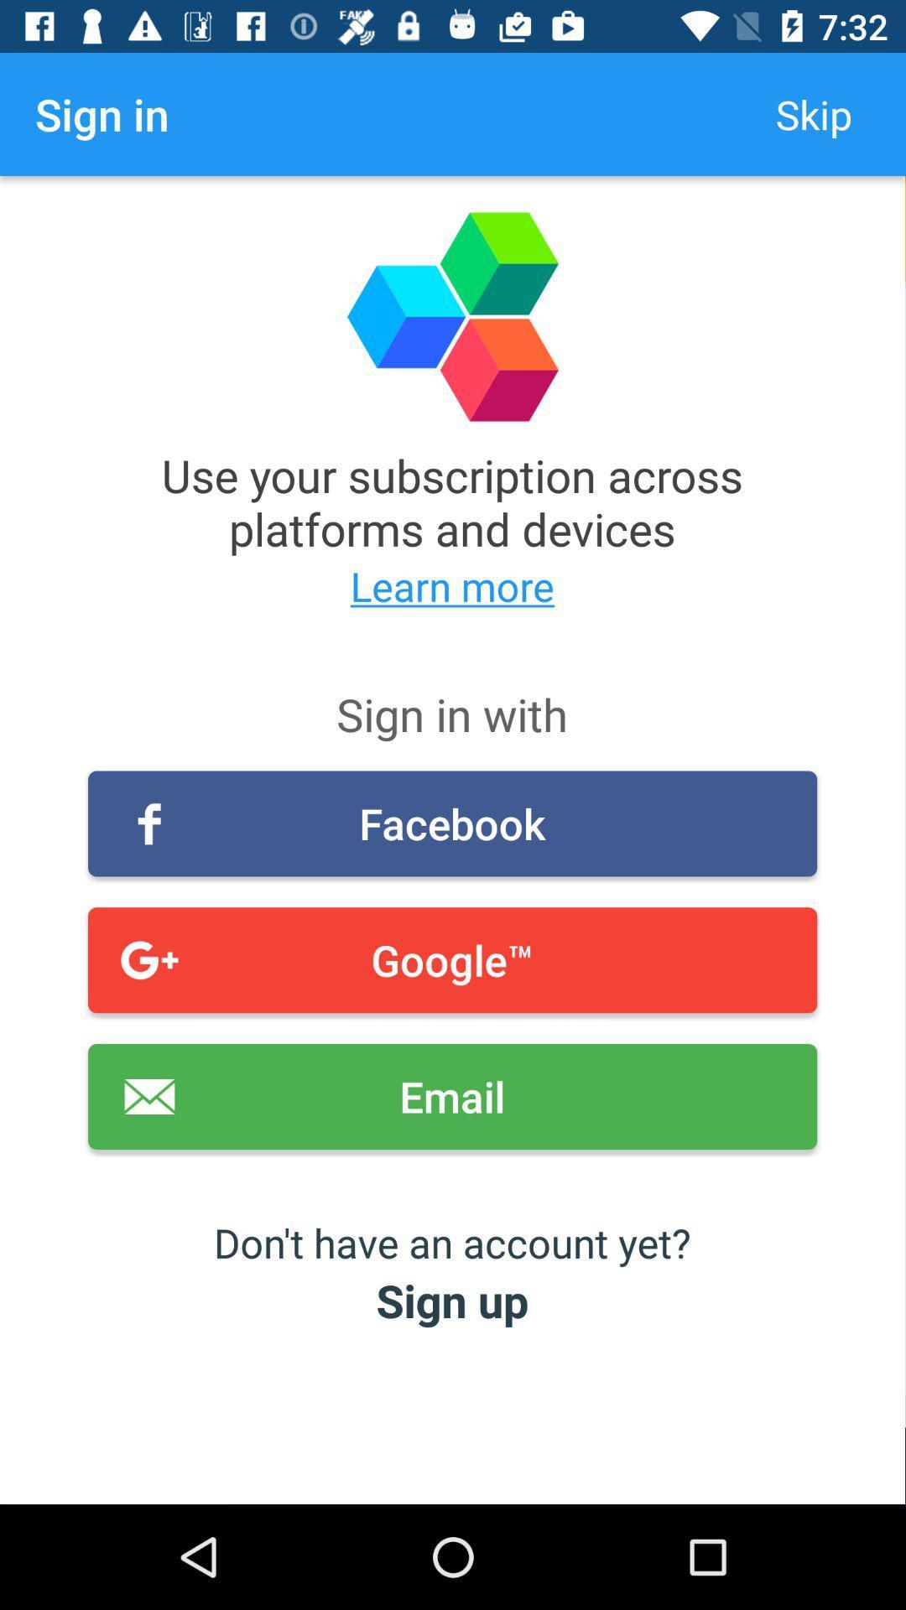 This screenshot has height=1610, width=906. I want to click on the icon above email item, so click(451, 960).